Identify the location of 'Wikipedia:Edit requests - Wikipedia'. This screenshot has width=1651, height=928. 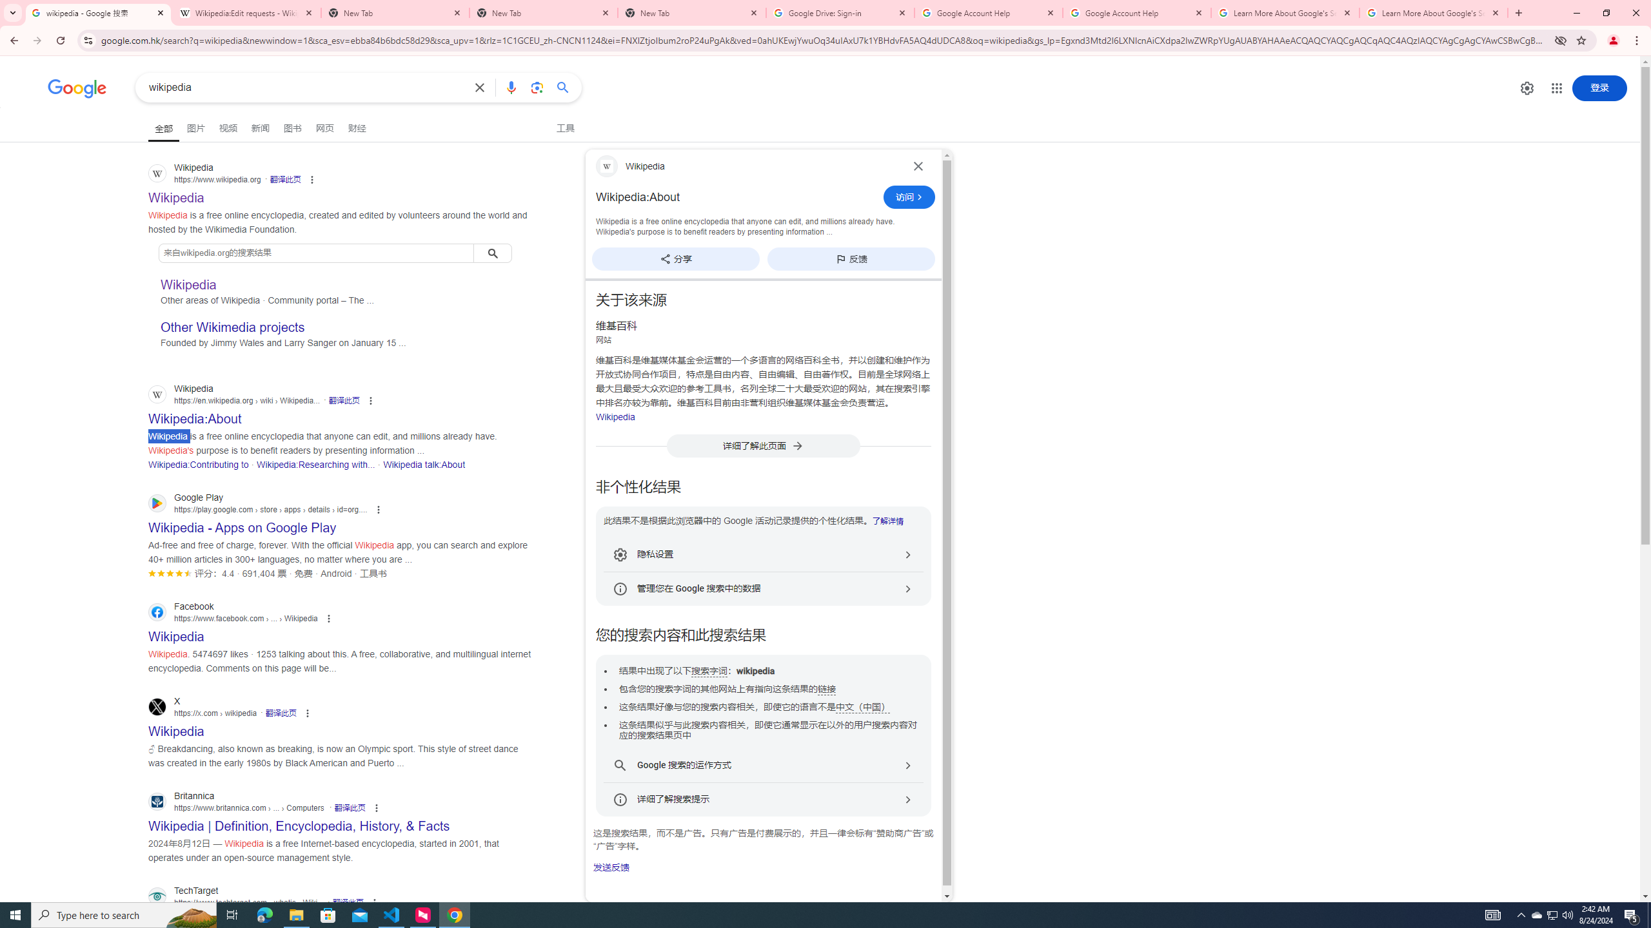
(246, 12).